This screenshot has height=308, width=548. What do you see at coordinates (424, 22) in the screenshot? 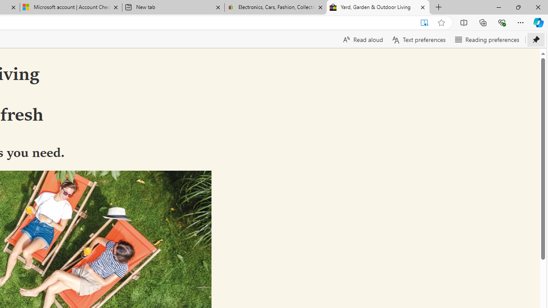
I see `'Exit Immersive Reader (F9)'` at bounding box center [424, 22].